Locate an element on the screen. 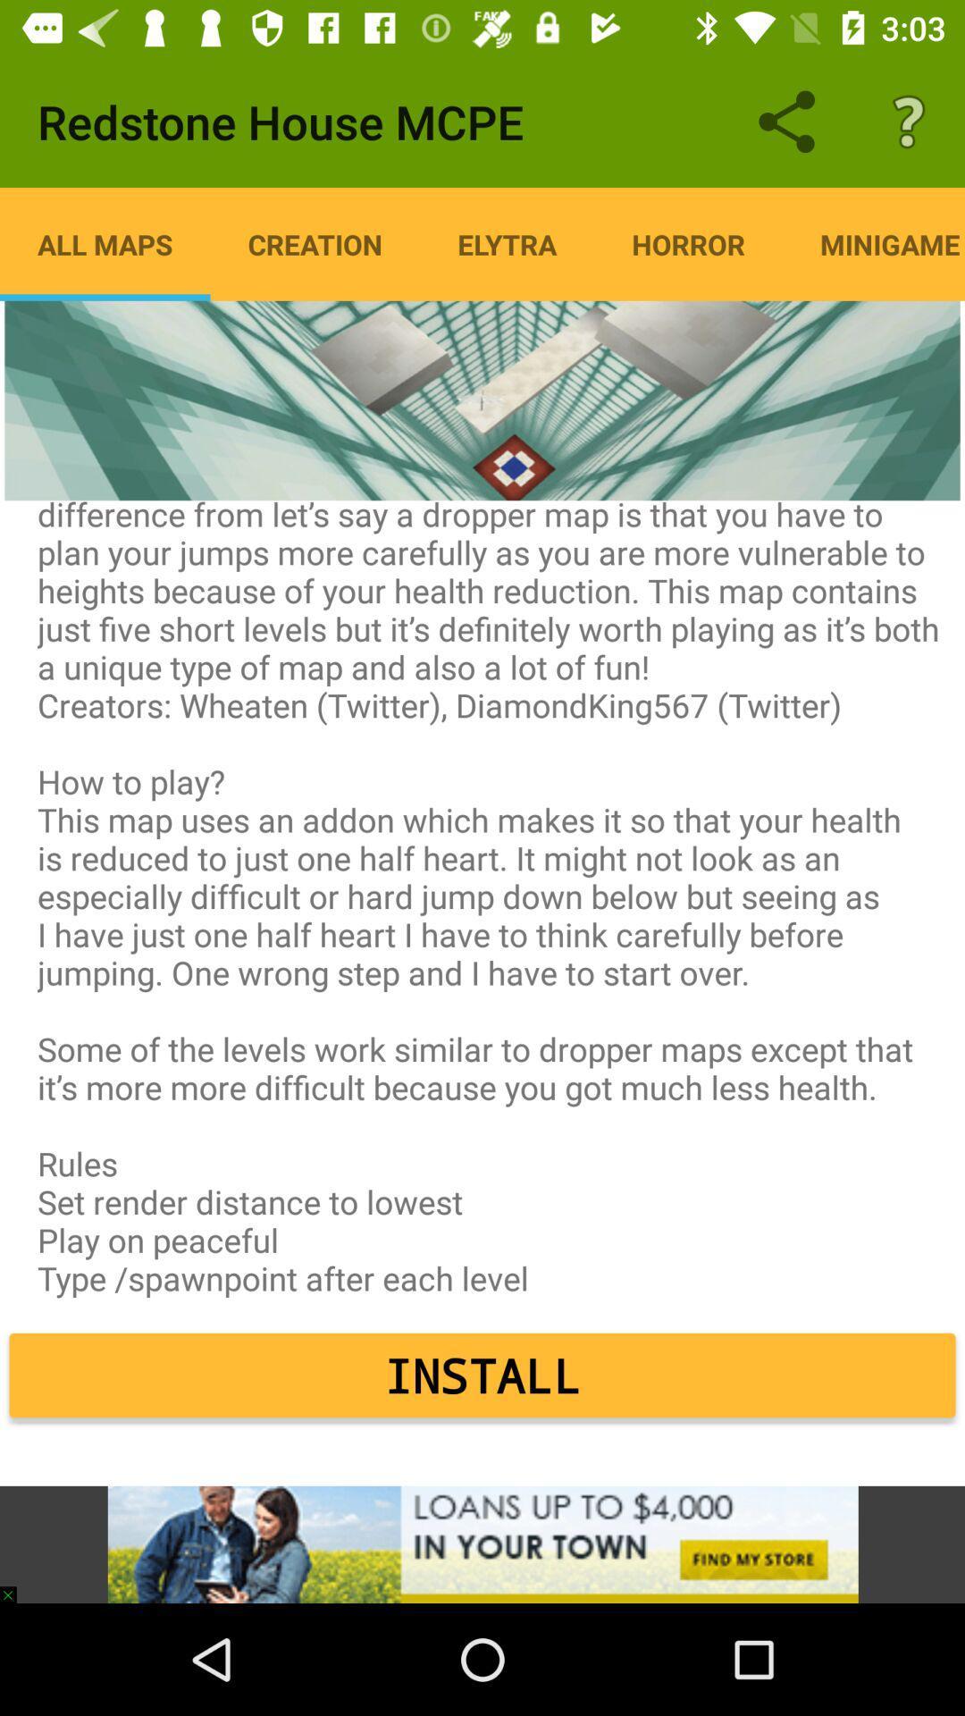 This screenshot has width=965, height=1716. icon at the bottom left corner is located at coordinates (16, 1586).